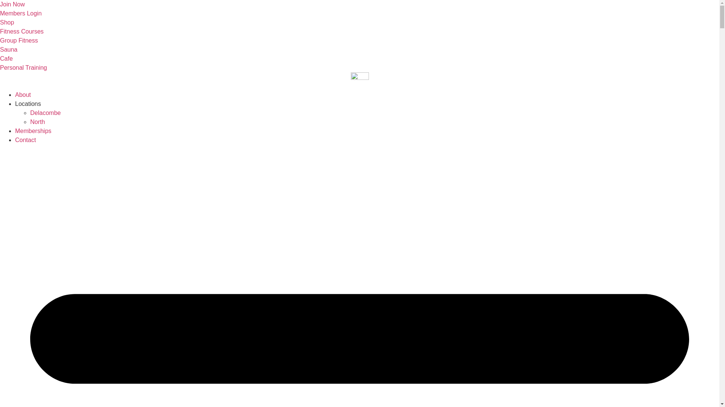 The width and height of the screenshot is (725, 407). What do you see at coordinates (15, 130) in the screenshot?
I see `'Memberships'` at bounding box center [15, 130].